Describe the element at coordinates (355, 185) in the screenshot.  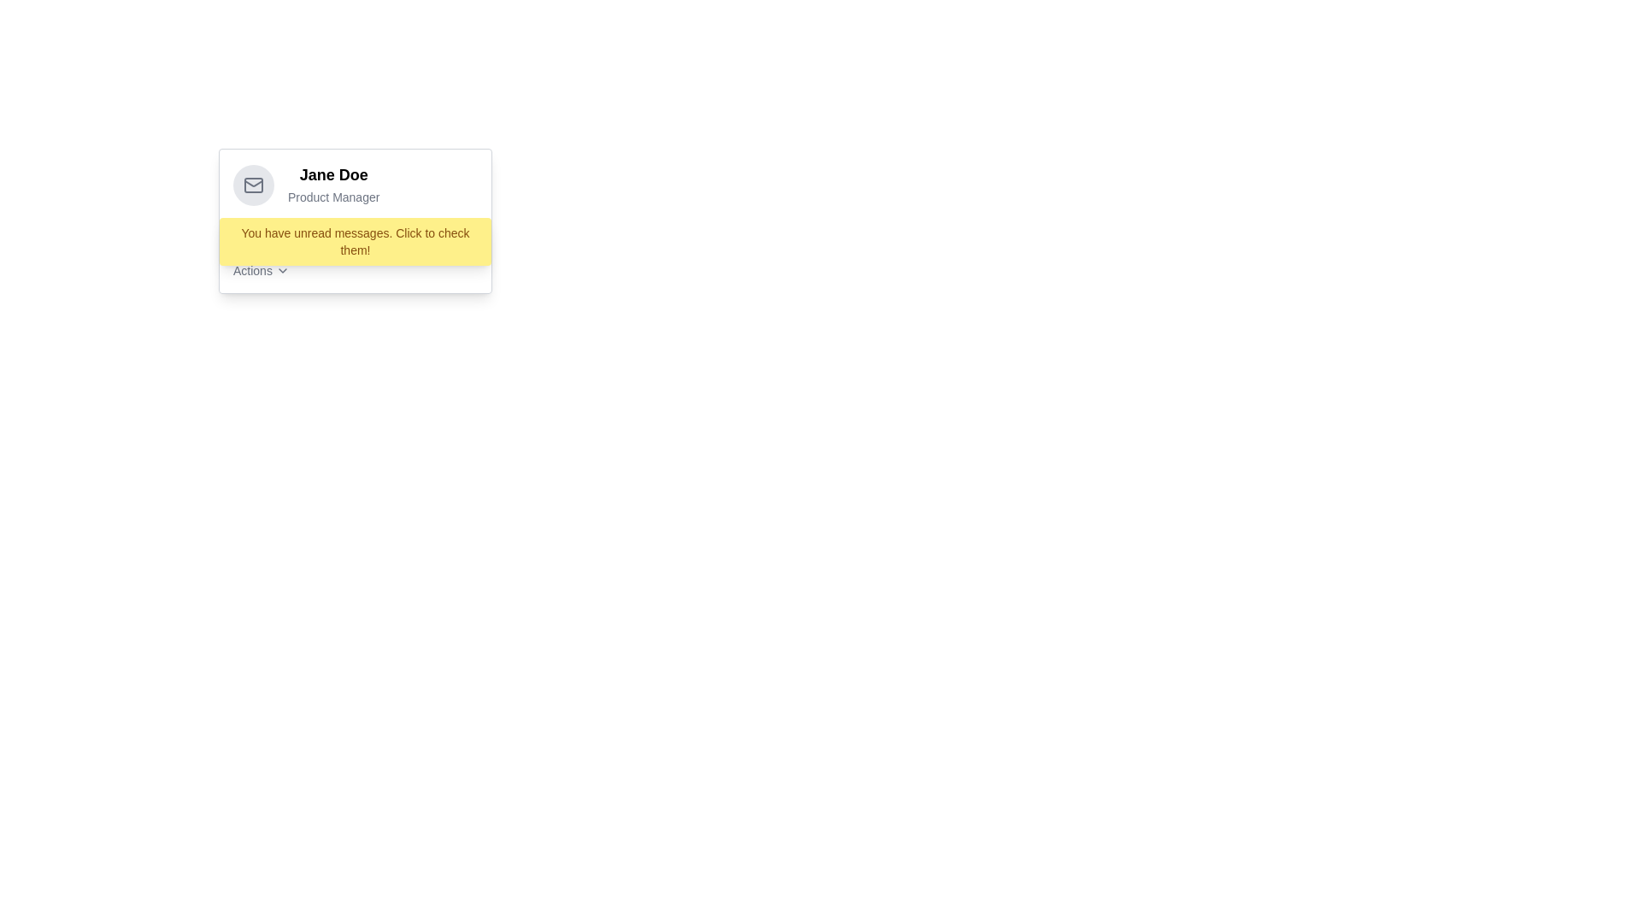
I see `the profile information display element, which features a circular mail icon on the left and the text 'Jane Doe' and 'Product Manager' on the right, located above the yellow notification bar` at that location.